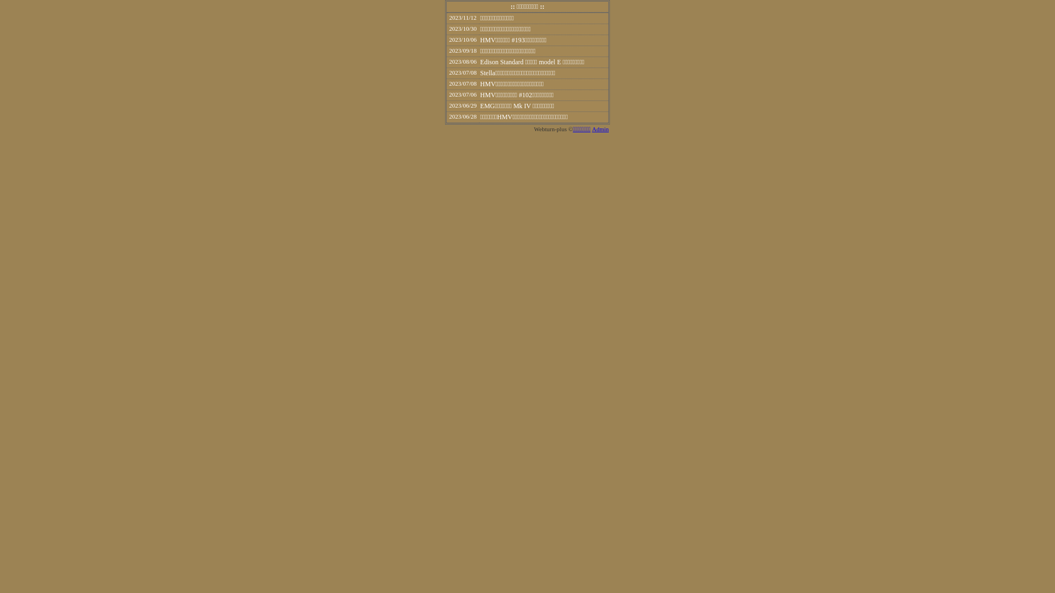 The height and width of the screenshot is (593, 1055). Describe the element at coordinates (599, 128) in the screenshot. I see `'Admin'` at that location.